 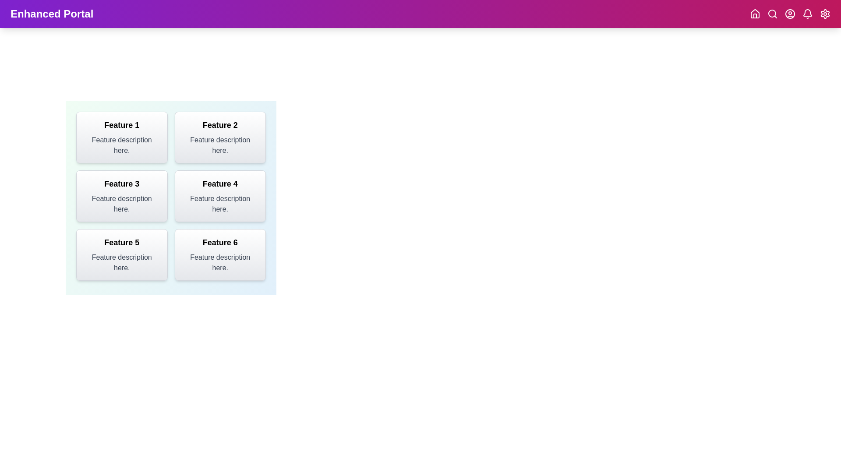 I want to click on the Profile navigation icon, so click(x=790, y=14).